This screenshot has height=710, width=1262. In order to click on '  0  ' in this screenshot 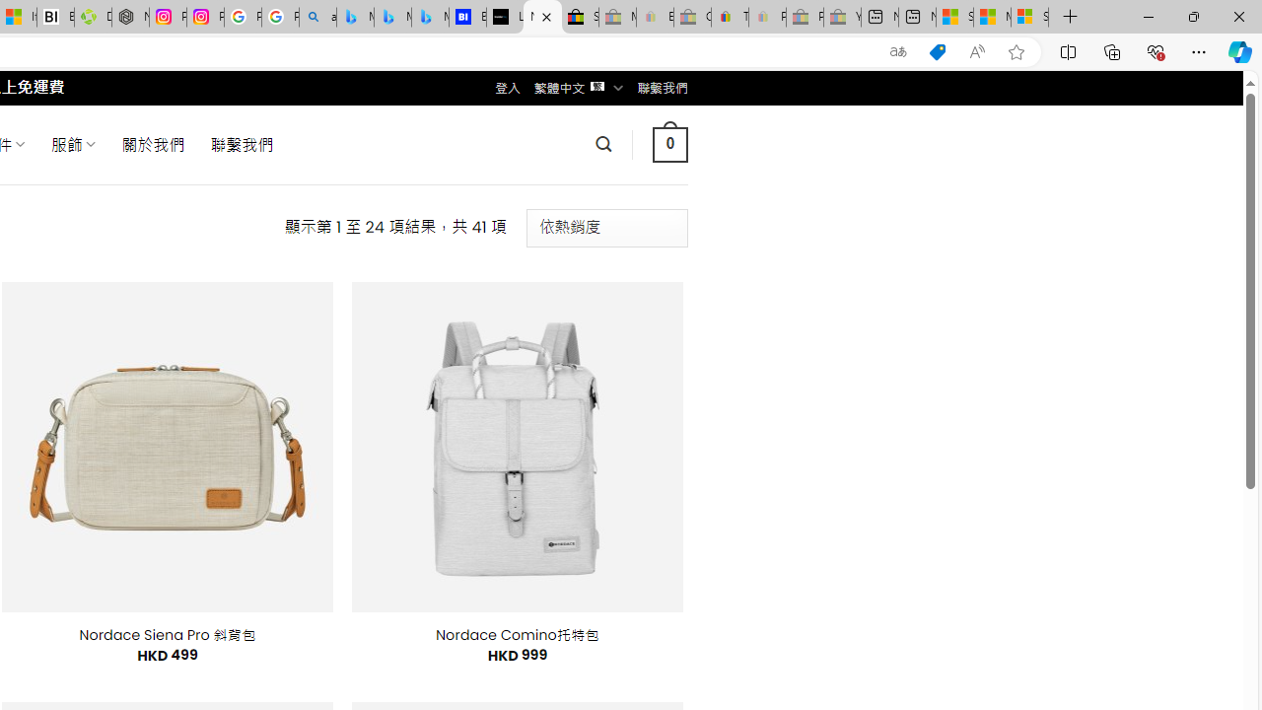, I will do `click(669, 143)`.